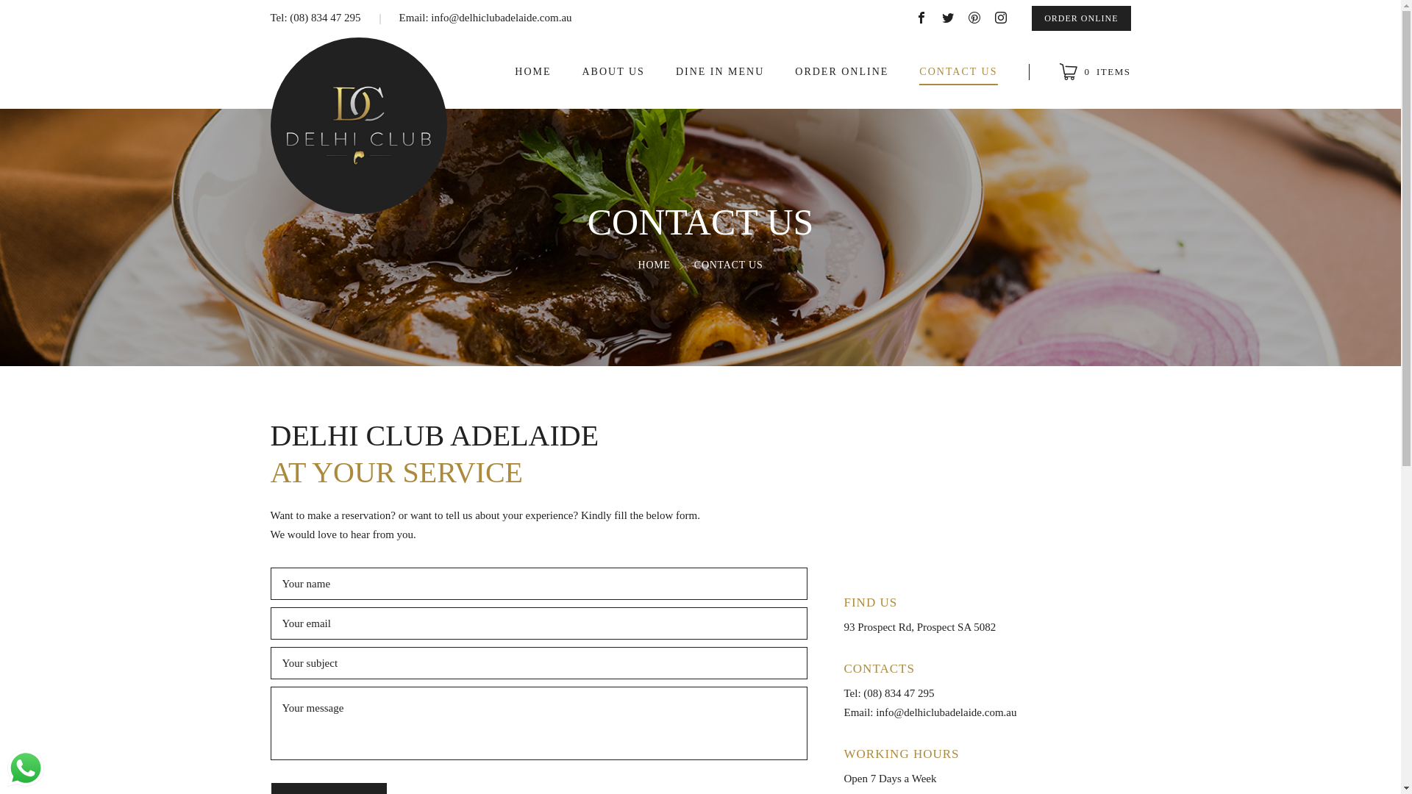 The height and width of the screenshot is (794, 1412). What do you see at coordinates (974, 17) in the screenshot?
I see `'pinterest'` at bounding box center [974, 17].